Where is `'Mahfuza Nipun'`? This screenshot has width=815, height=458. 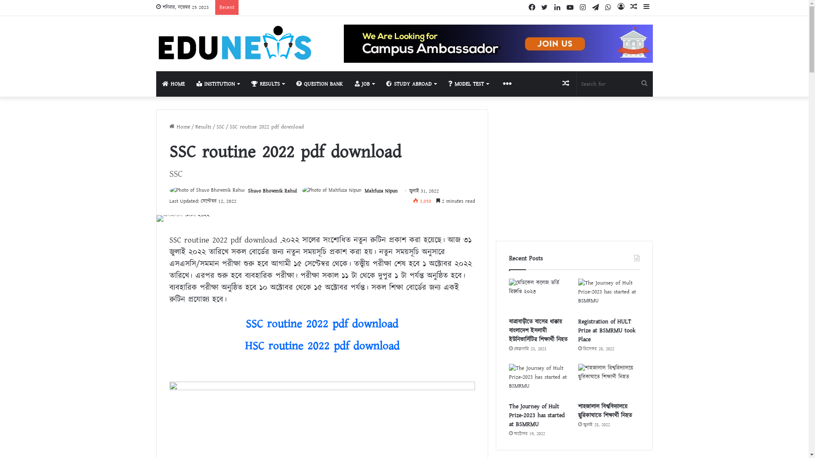
'Mahfuza Nipun' is located at coordinates (380, 191).